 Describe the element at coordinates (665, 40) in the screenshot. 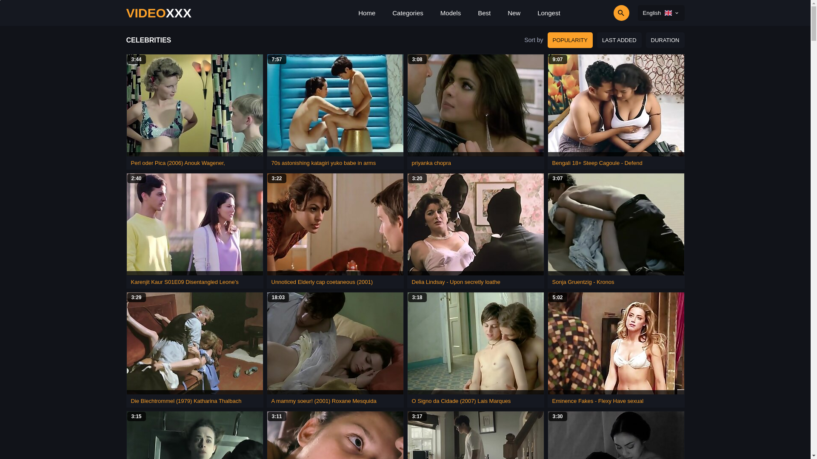

I see `'DURATION'` at that location.